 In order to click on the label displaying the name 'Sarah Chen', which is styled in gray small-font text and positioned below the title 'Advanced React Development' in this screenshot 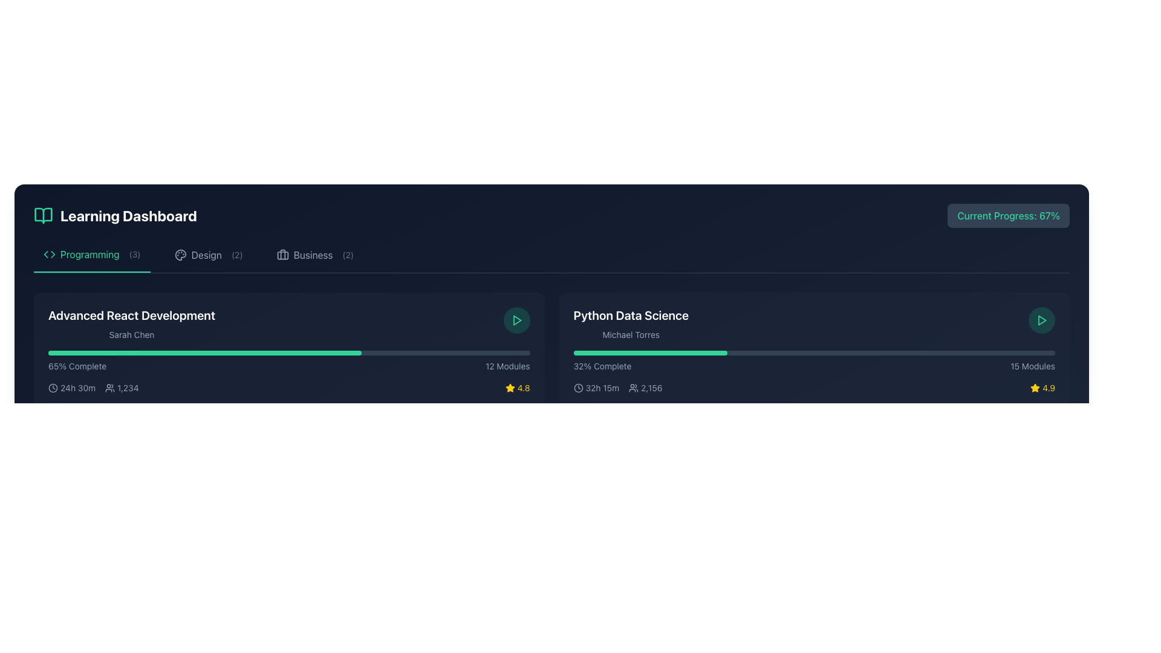, I will do `click(132, 335)`.